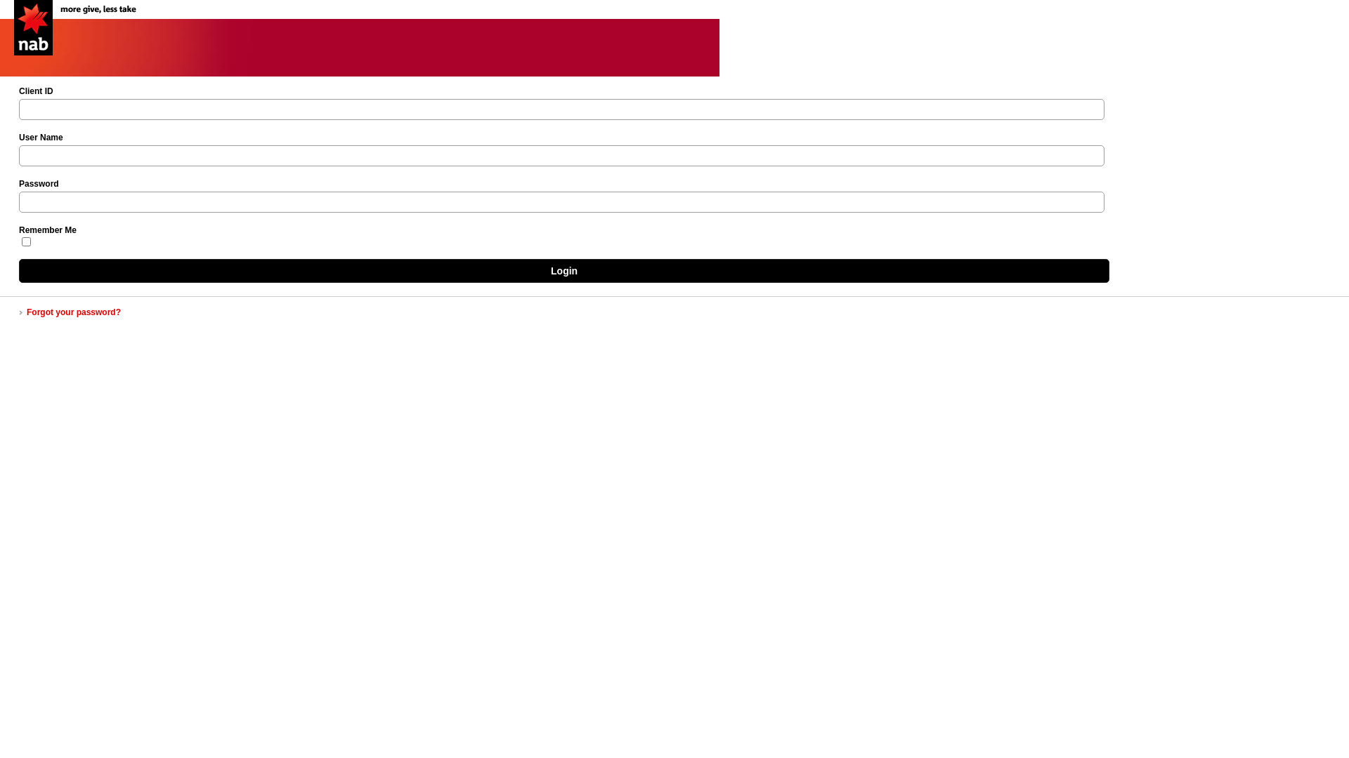 The height and width of the screenshot is (758, 1349). What do you see at coordinates (563, 270) in the screenshot?
I see `'Login'` at bounding box center [563, 270].